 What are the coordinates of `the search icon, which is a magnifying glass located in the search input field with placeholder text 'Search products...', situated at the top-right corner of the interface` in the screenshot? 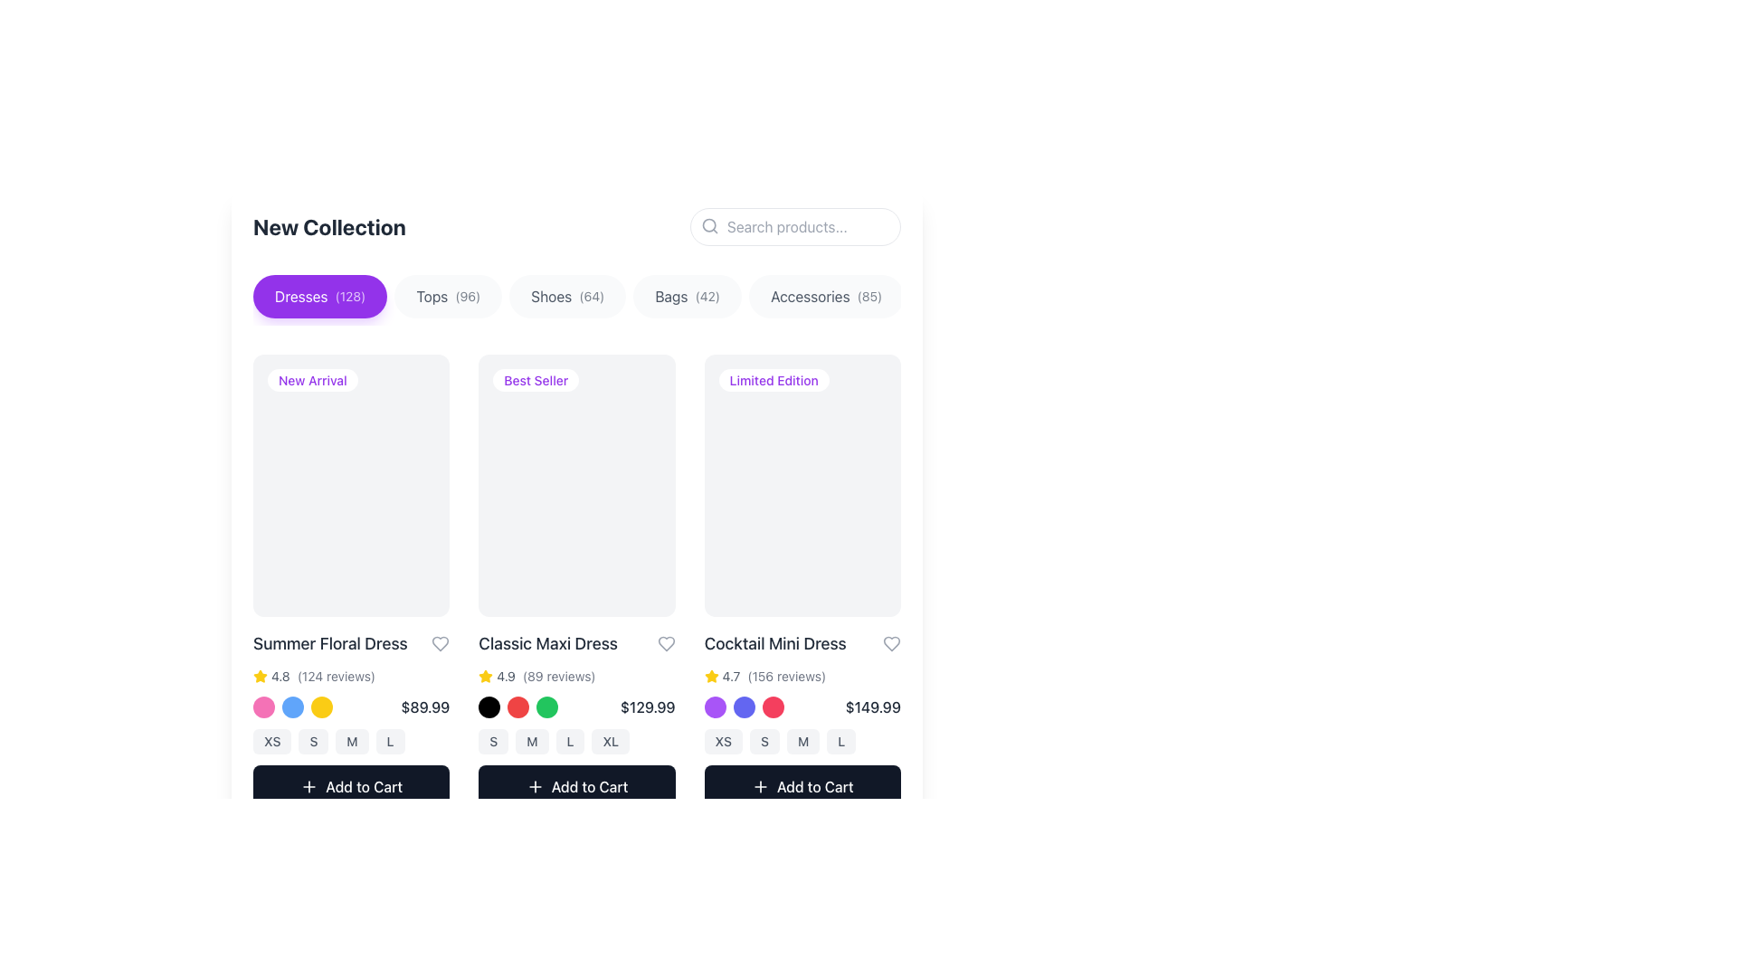 It's located at (709, 225).